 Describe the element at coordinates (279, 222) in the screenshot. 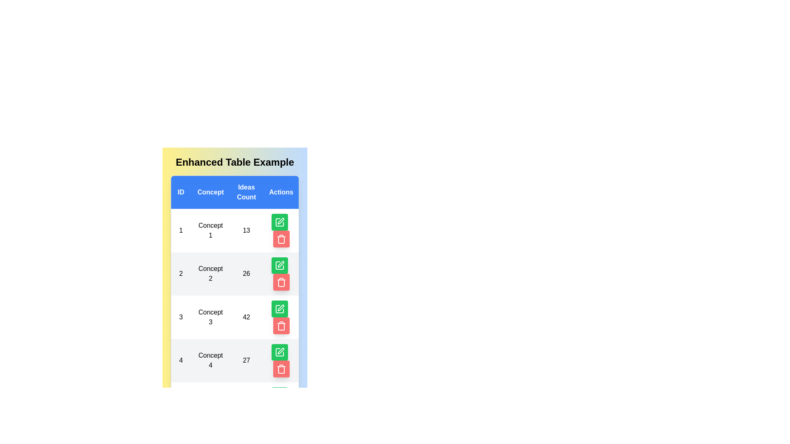

I see `the edit button for the first row to reveal its tooltip` at that location.